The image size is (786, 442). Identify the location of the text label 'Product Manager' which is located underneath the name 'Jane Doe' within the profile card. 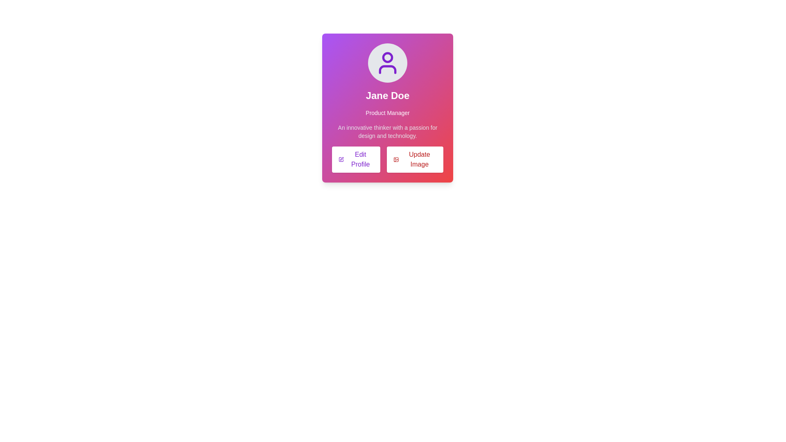
(387, 113).